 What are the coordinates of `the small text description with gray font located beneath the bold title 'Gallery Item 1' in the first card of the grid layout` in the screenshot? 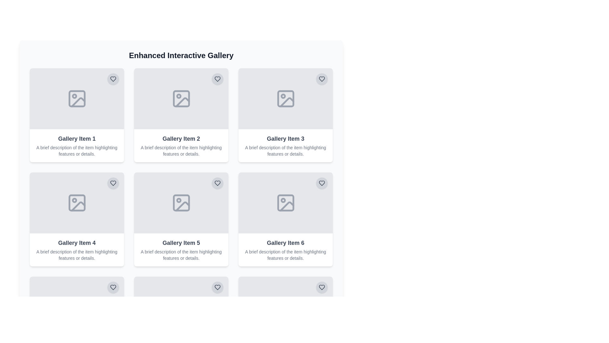 It's located at (76, 151).